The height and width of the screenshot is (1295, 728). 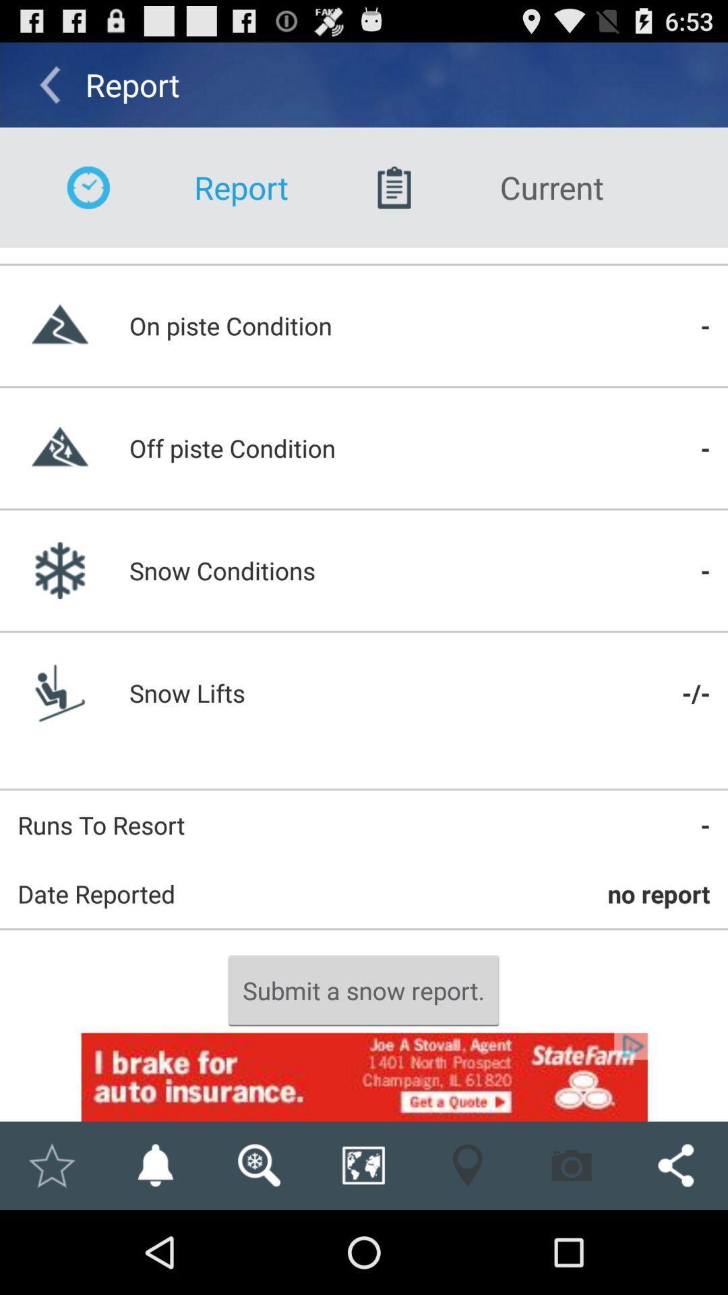 What do you see at coordinates (675, 1165) in the screenshot?
I see `share the report` at bounding box center [675, 1165].